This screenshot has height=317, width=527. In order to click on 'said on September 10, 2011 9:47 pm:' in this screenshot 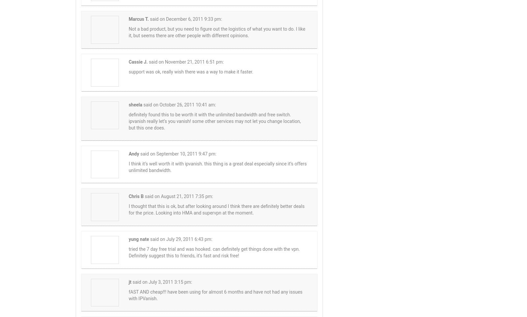, I will do `click(178, 153)`.